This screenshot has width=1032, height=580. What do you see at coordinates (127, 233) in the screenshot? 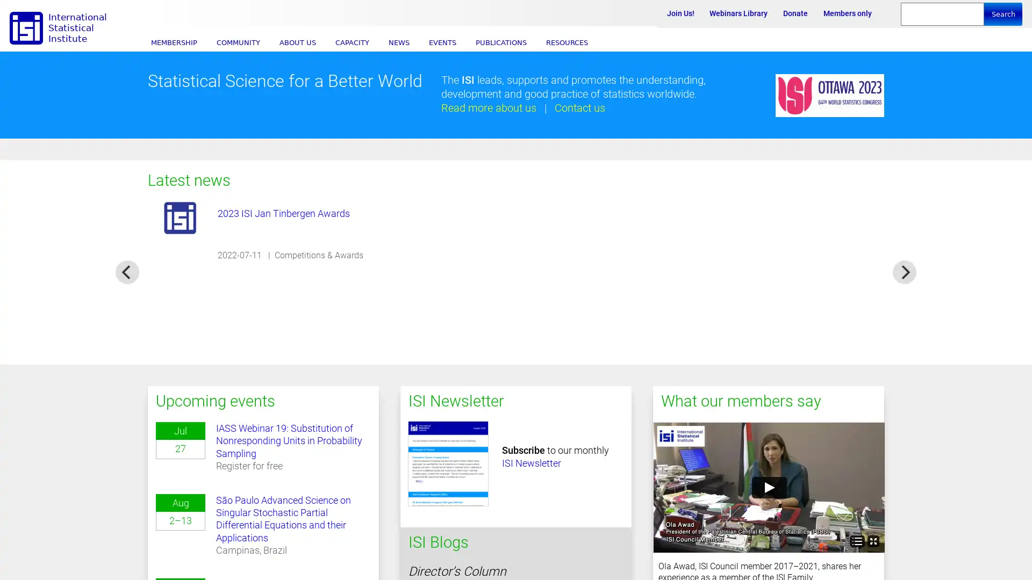
I see `previous` at bounding box center [127, 233].